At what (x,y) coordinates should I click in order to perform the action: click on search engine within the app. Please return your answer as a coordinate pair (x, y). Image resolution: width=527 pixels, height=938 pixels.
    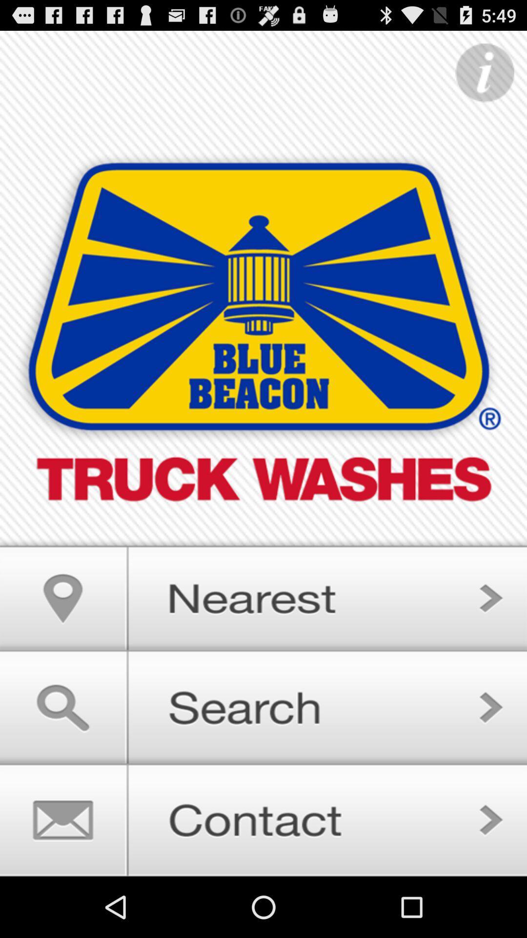
    Looking at the image, I should click on (263, 707).